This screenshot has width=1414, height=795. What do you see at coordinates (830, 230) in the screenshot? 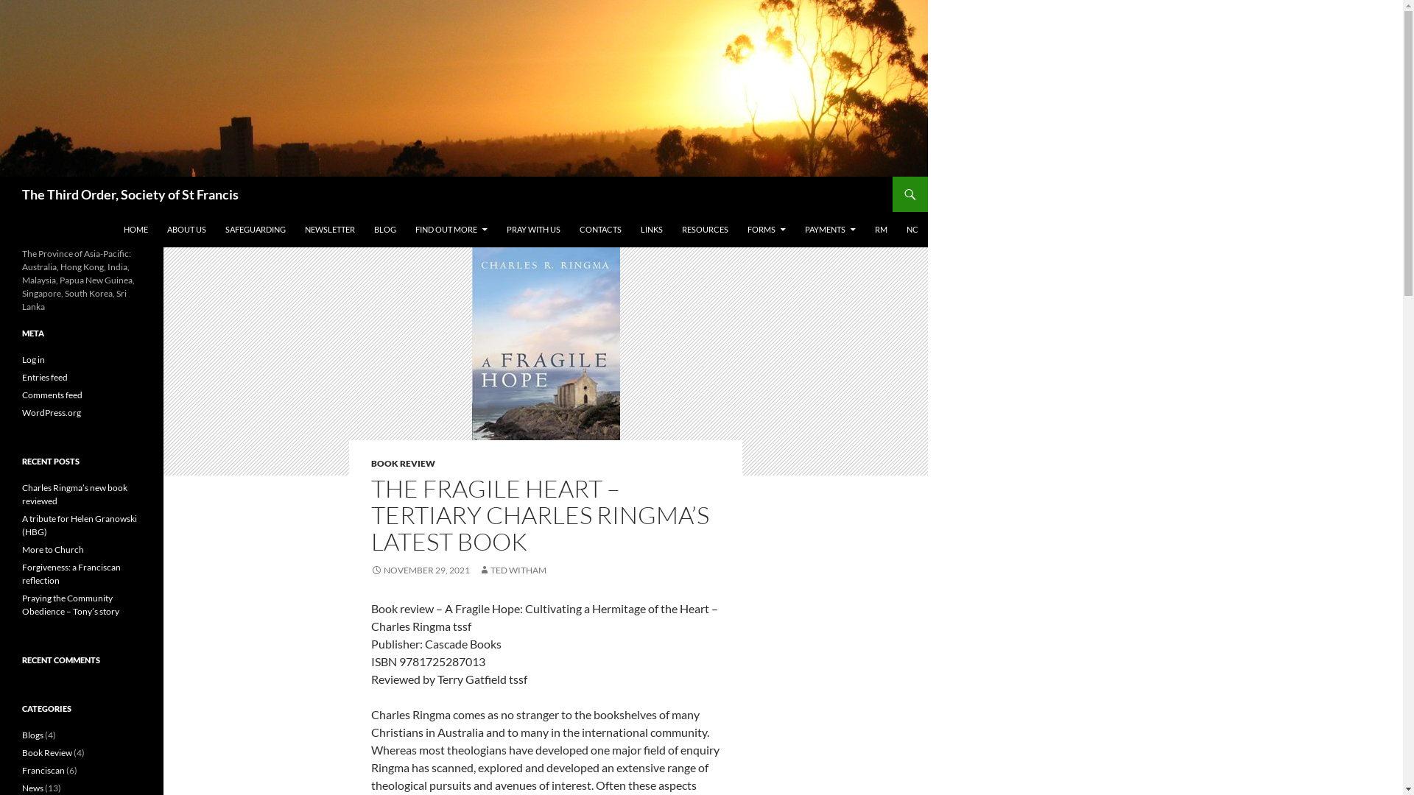
I see `'PAYMENTS'` at bounding box center [830, 230].